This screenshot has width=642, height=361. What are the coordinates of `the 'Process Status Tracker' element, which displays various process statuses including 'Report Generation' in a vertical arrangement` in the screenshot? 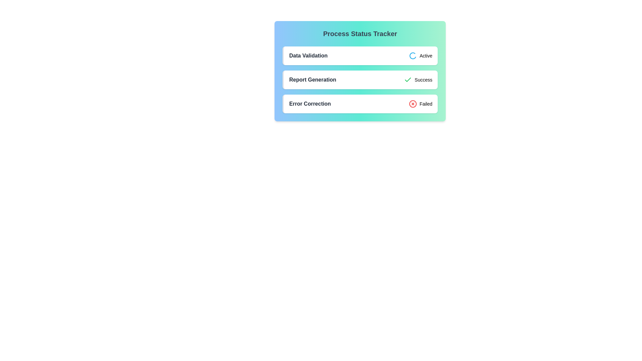 It's located at (359, 71).